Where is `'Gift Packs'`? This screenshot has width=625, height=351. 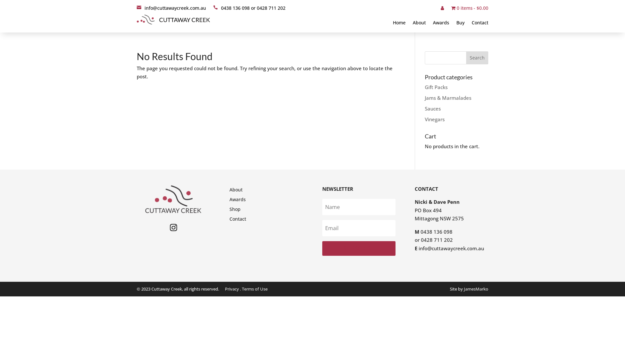 'Gift Packs' is located at coordinates (436, 86).